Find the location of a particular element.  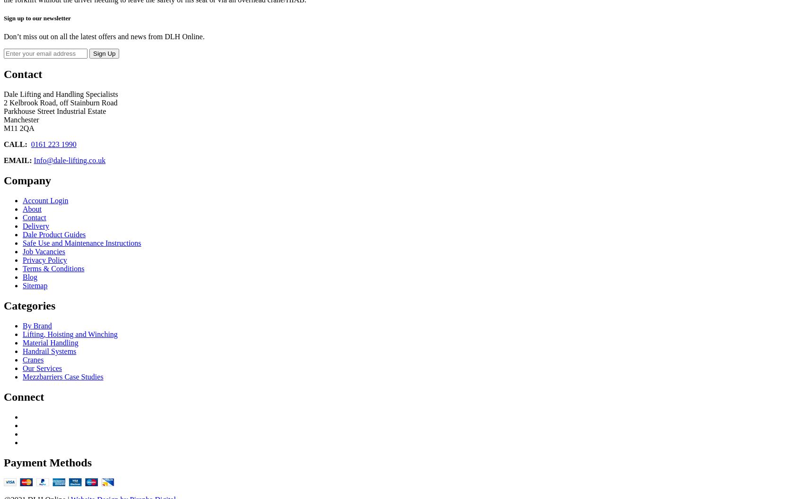

'M11 2QA' is located at coordinates (18, 128).